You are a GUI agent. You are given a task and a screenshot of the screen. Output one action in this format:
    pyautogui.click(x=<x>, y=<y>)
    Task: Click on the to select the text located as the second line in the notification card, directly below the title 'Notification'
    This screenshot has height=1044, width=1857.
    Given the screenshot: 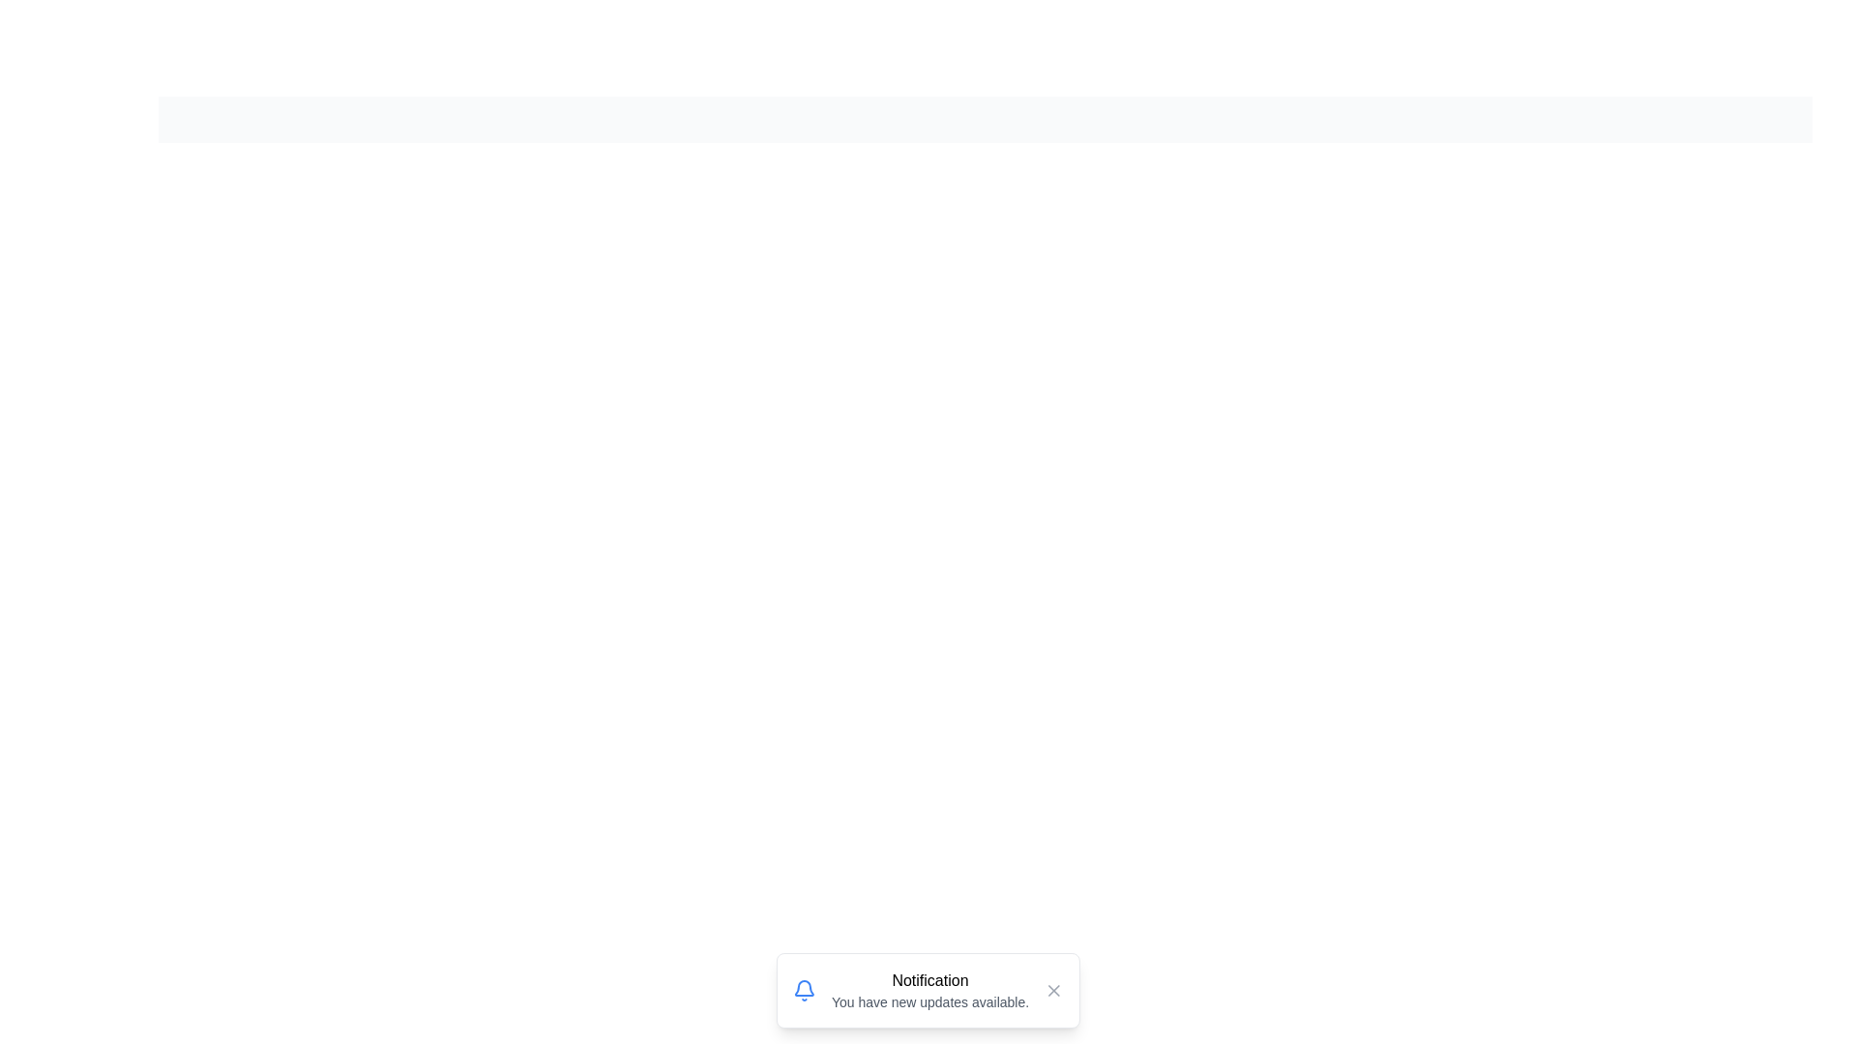 What is the action you would take?
    pyautogui.click(x=929, y=1001)
    